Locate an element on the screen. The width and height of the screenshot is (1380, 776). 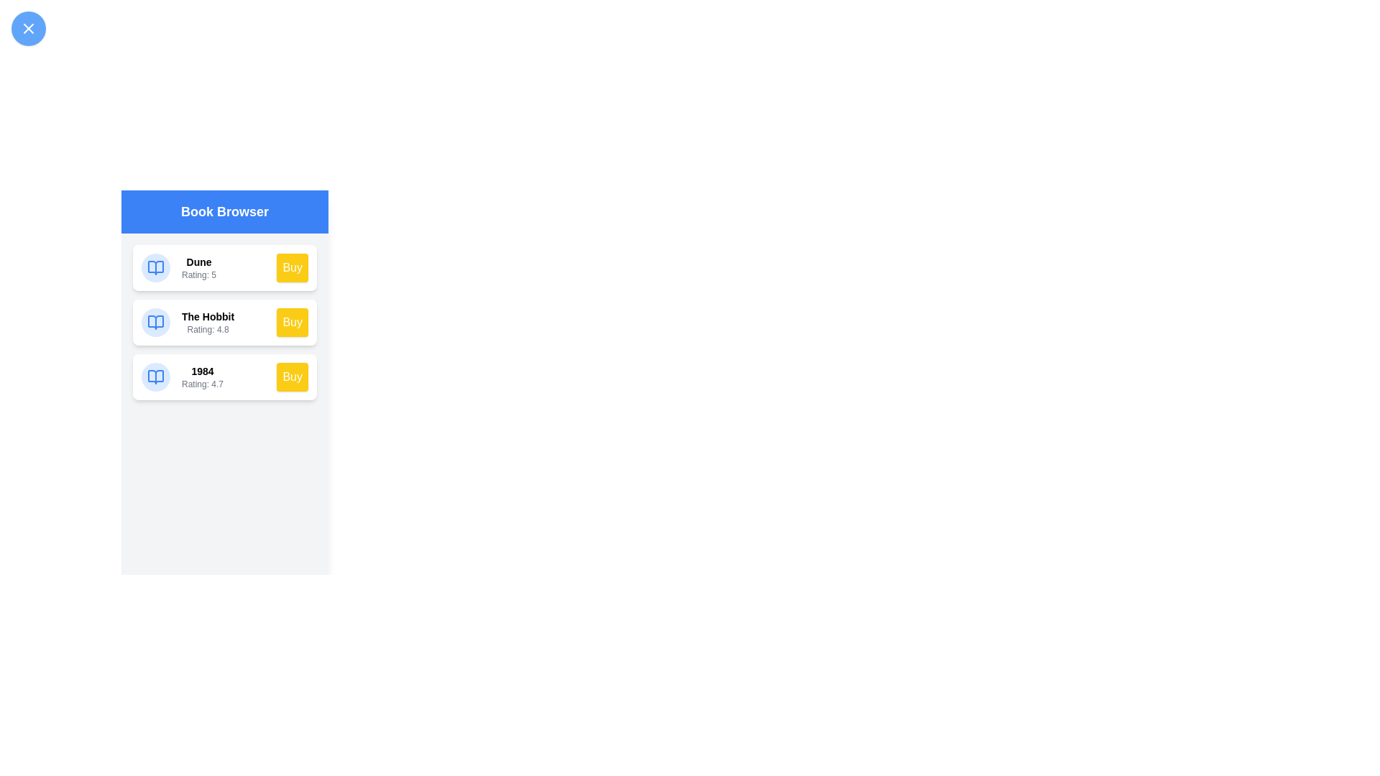
the toggle button to toggle the drawer's state is located at coordinates (28, 28).